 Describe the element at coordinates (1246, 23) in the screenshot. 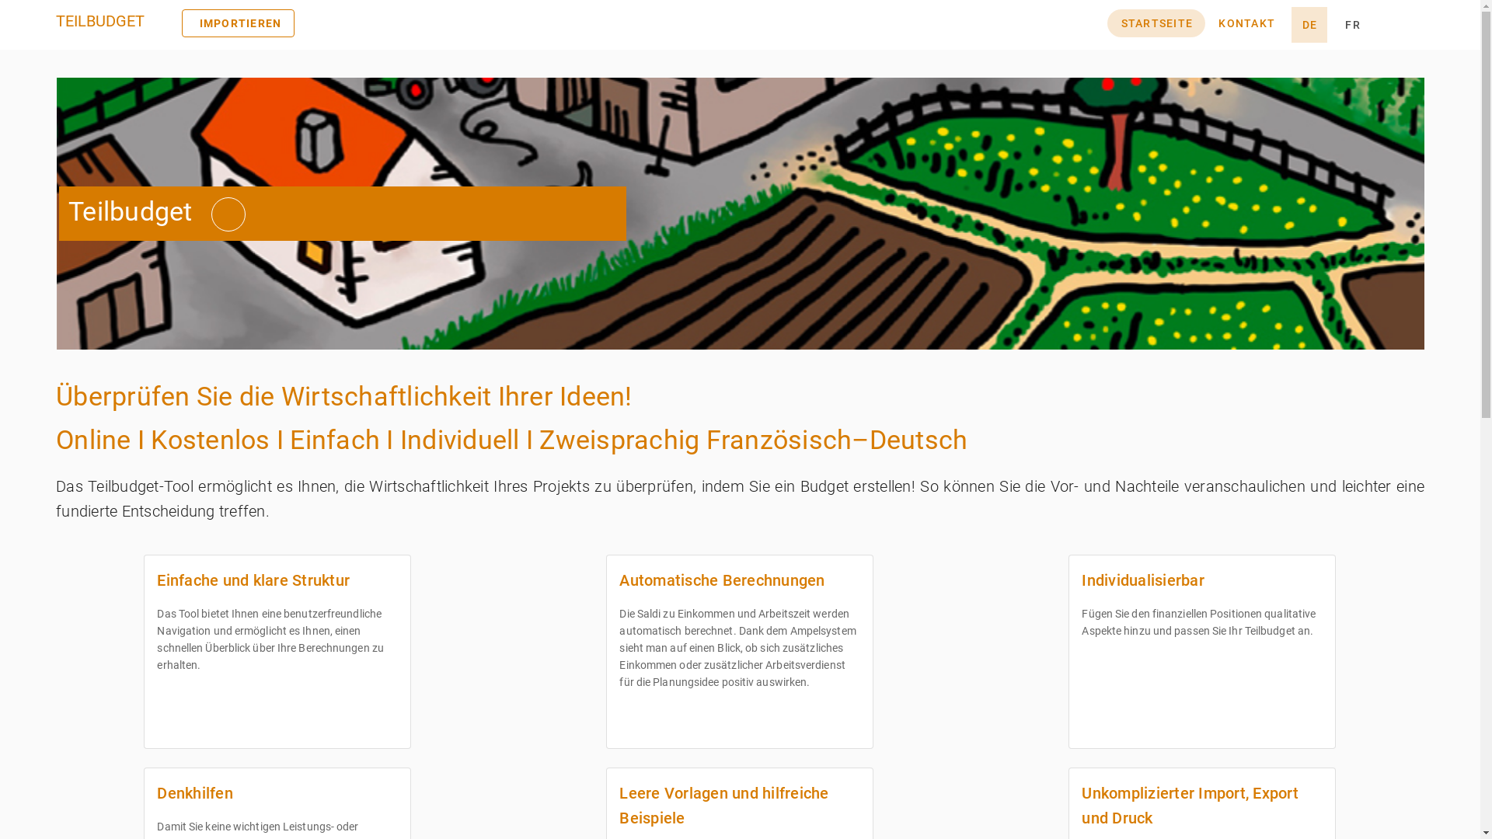

I see `'KONTAKT'` at that location.